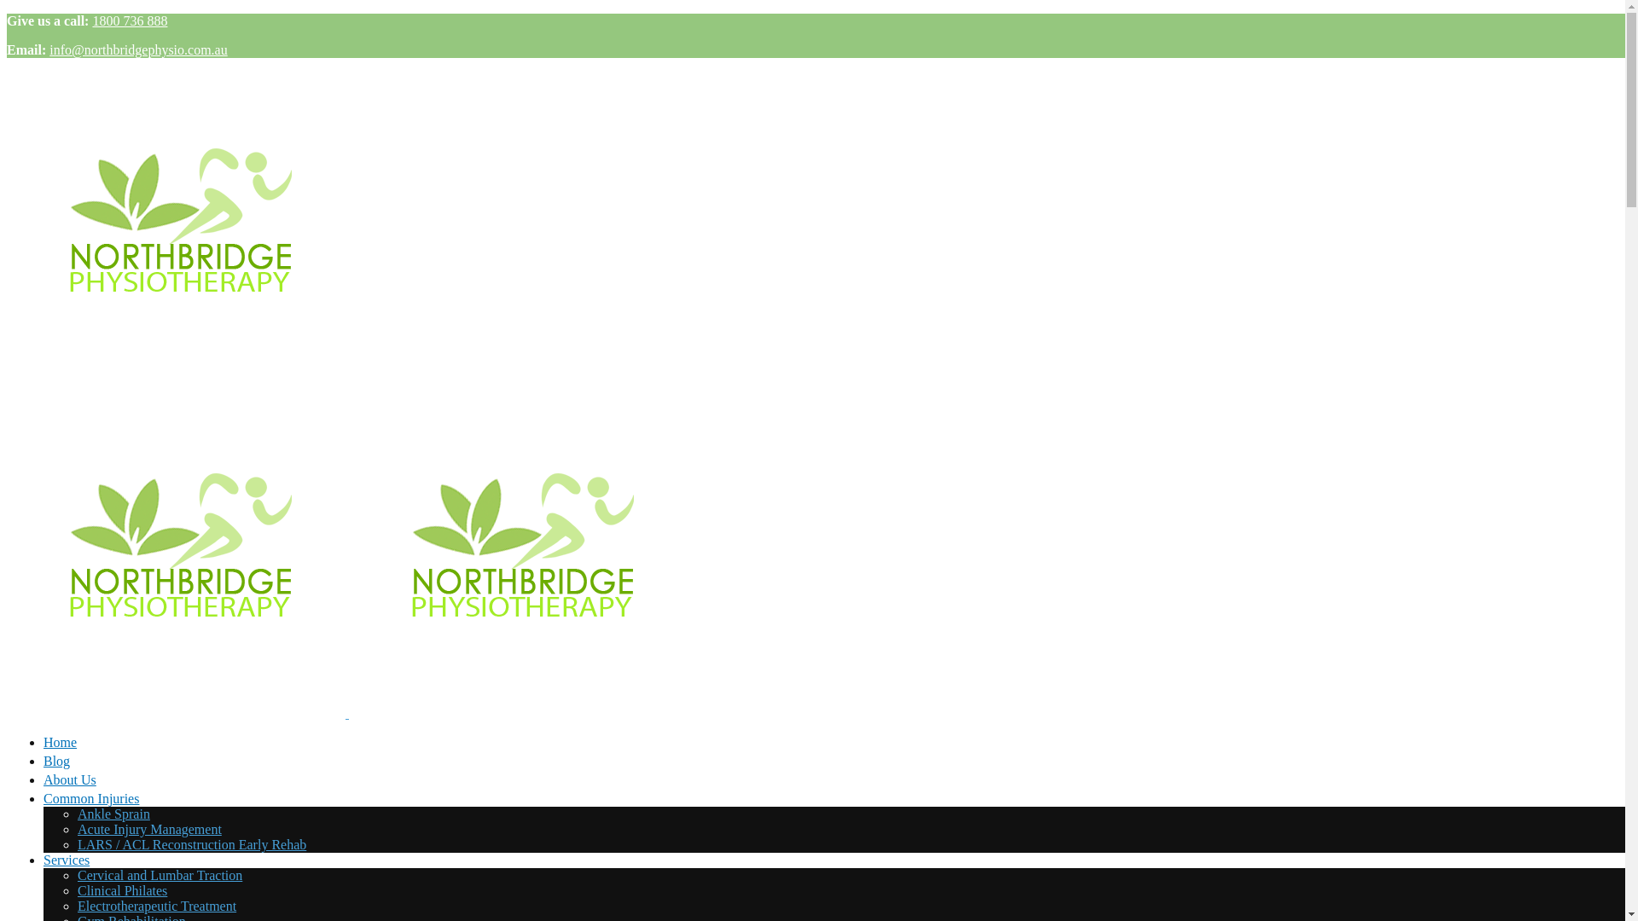  Describe the element at coordinates (44, 860) in the screenshot. I see `'Services'` at that location.